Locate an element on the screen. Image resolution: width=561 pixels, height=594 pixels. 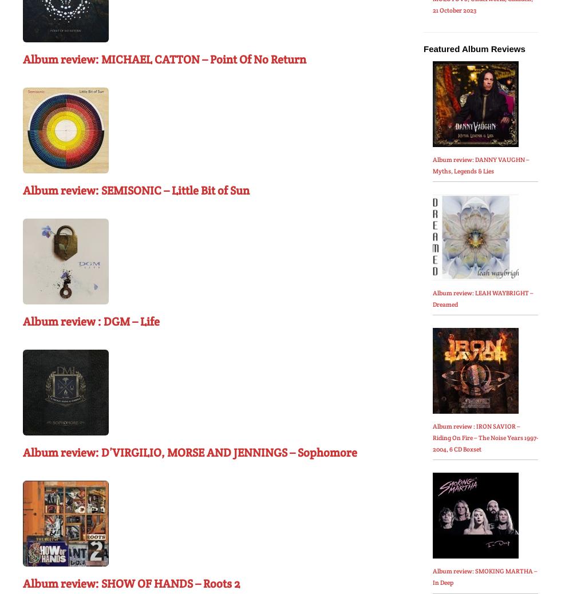
'Album review : DGM – Life' is located at coordinates (22, 320).